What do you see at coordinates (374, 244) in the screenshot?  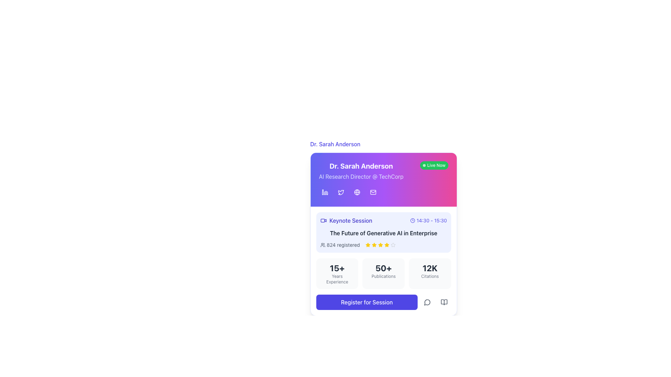 I see `the third star icon in the rating scale of the session card titled 'The Future of Generative AI in Enterprise', located near the bottom of the card` at bounding box center [374, 244].